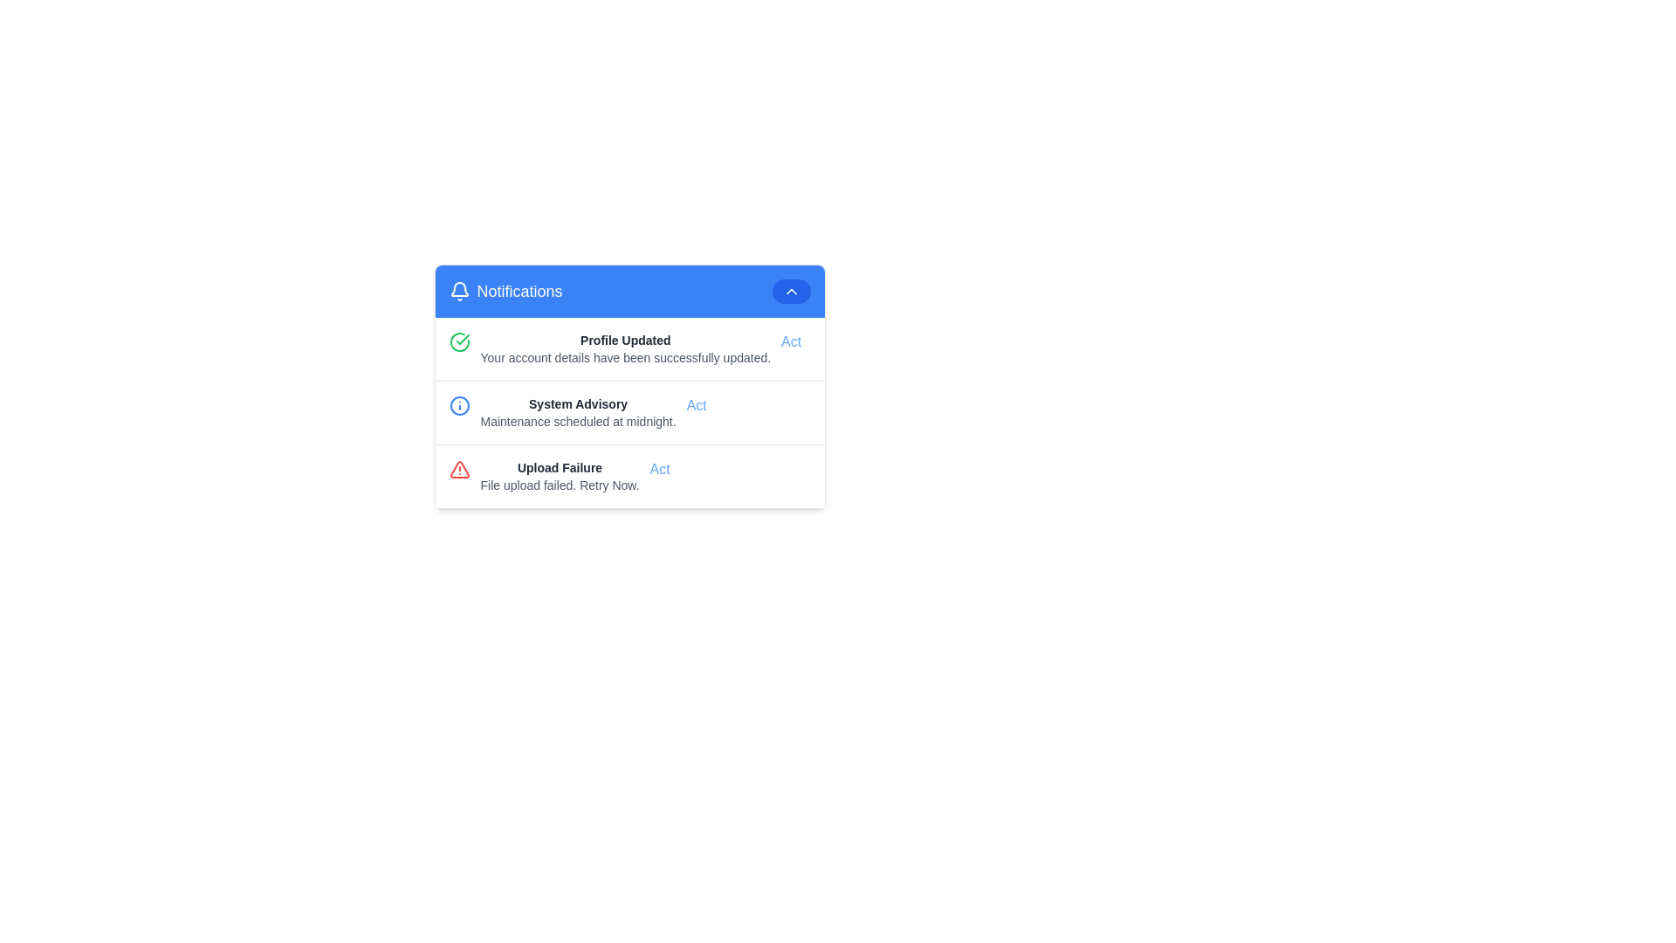  Describe the element at coordinates (560, 485) in the screenshot. I see `the text element that contains the message 'File upload failed. Retry Now.' which is styled in a smaller gray font and positioned below the heading 'Upload Failure'` at that location.